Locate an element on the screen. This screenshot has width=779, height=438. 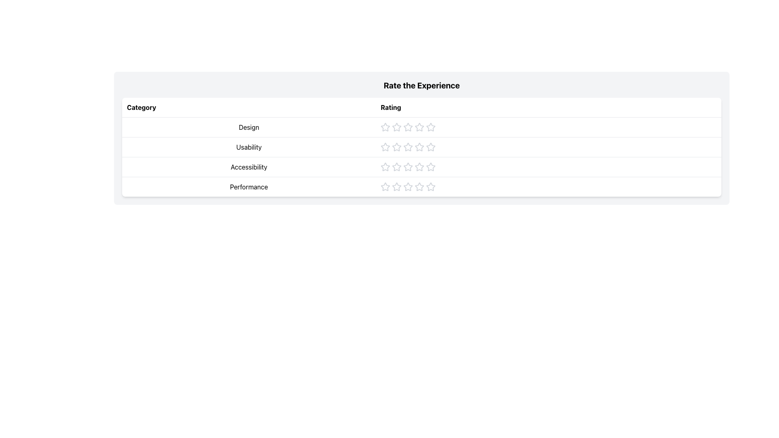
the 'Performance' rating row in the table, which is located in the fourth row and allows for rating assignment is located at coordinates (422, 187).